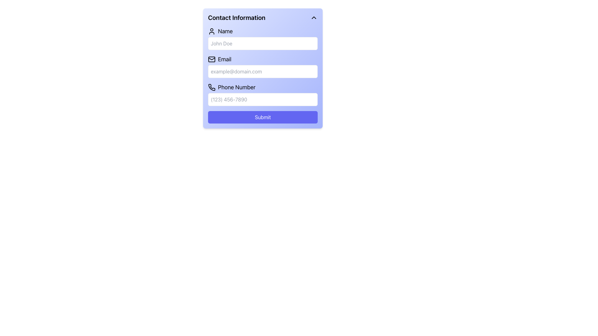  I want to click on text content of the Text Header that displays 'Contact Information' in bold on a light purple background, so click(236, 17).